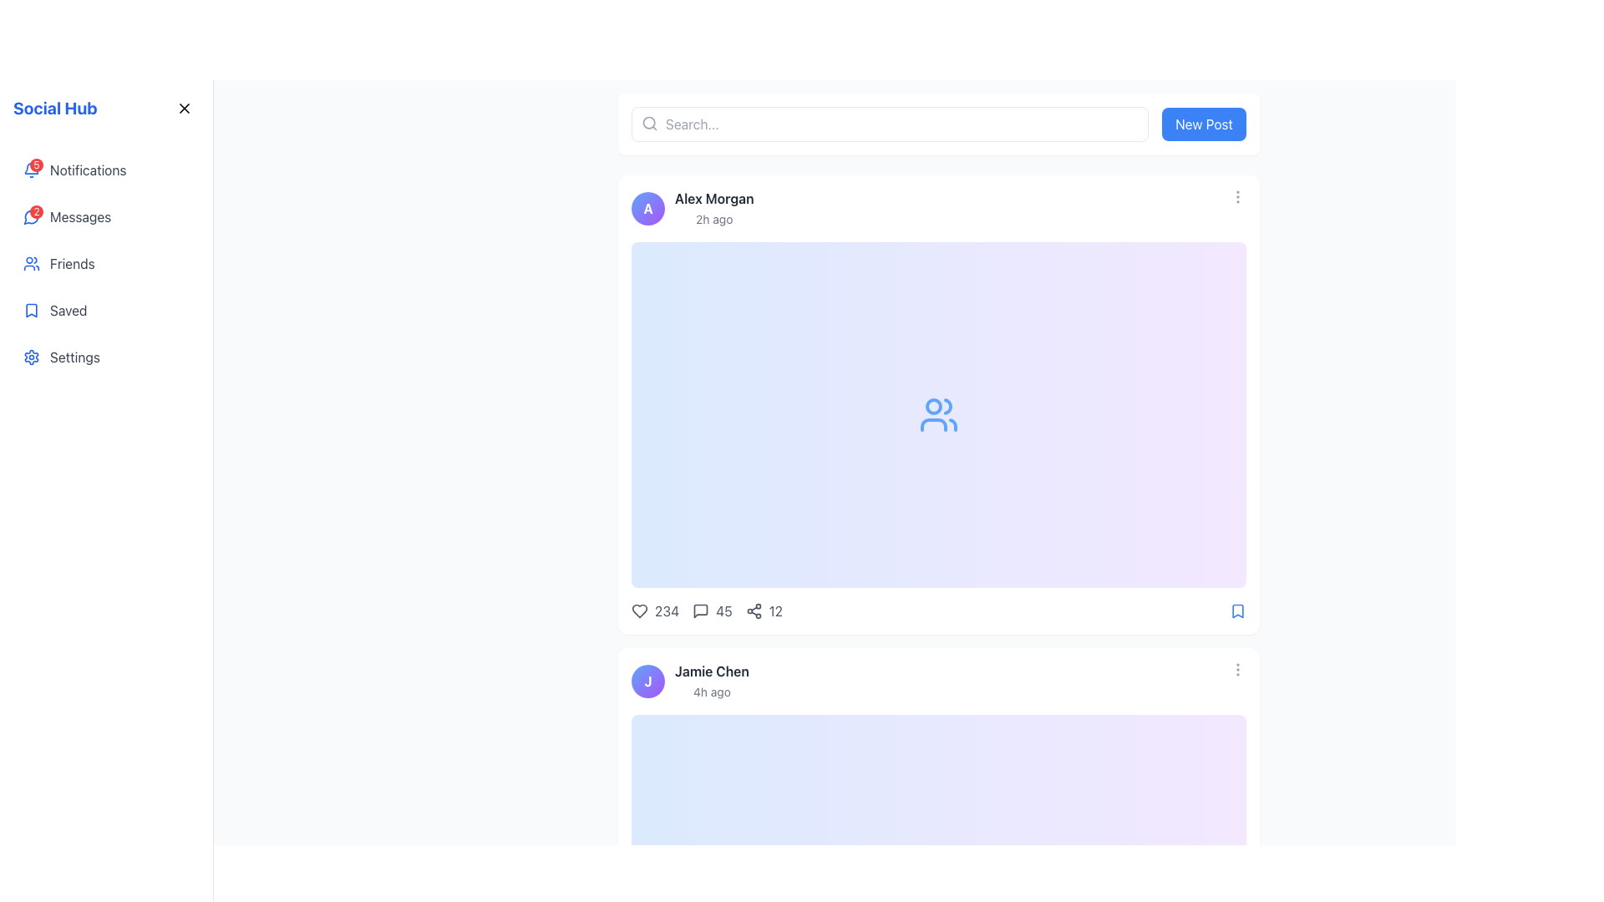 The height and width of the screenshot is (902, 1604). Describe the element at coordinates (32, 357) in the screenshot. I see `the blue gear-like icon representing settings, located in the left sidebar of the Settings menu` at that location.